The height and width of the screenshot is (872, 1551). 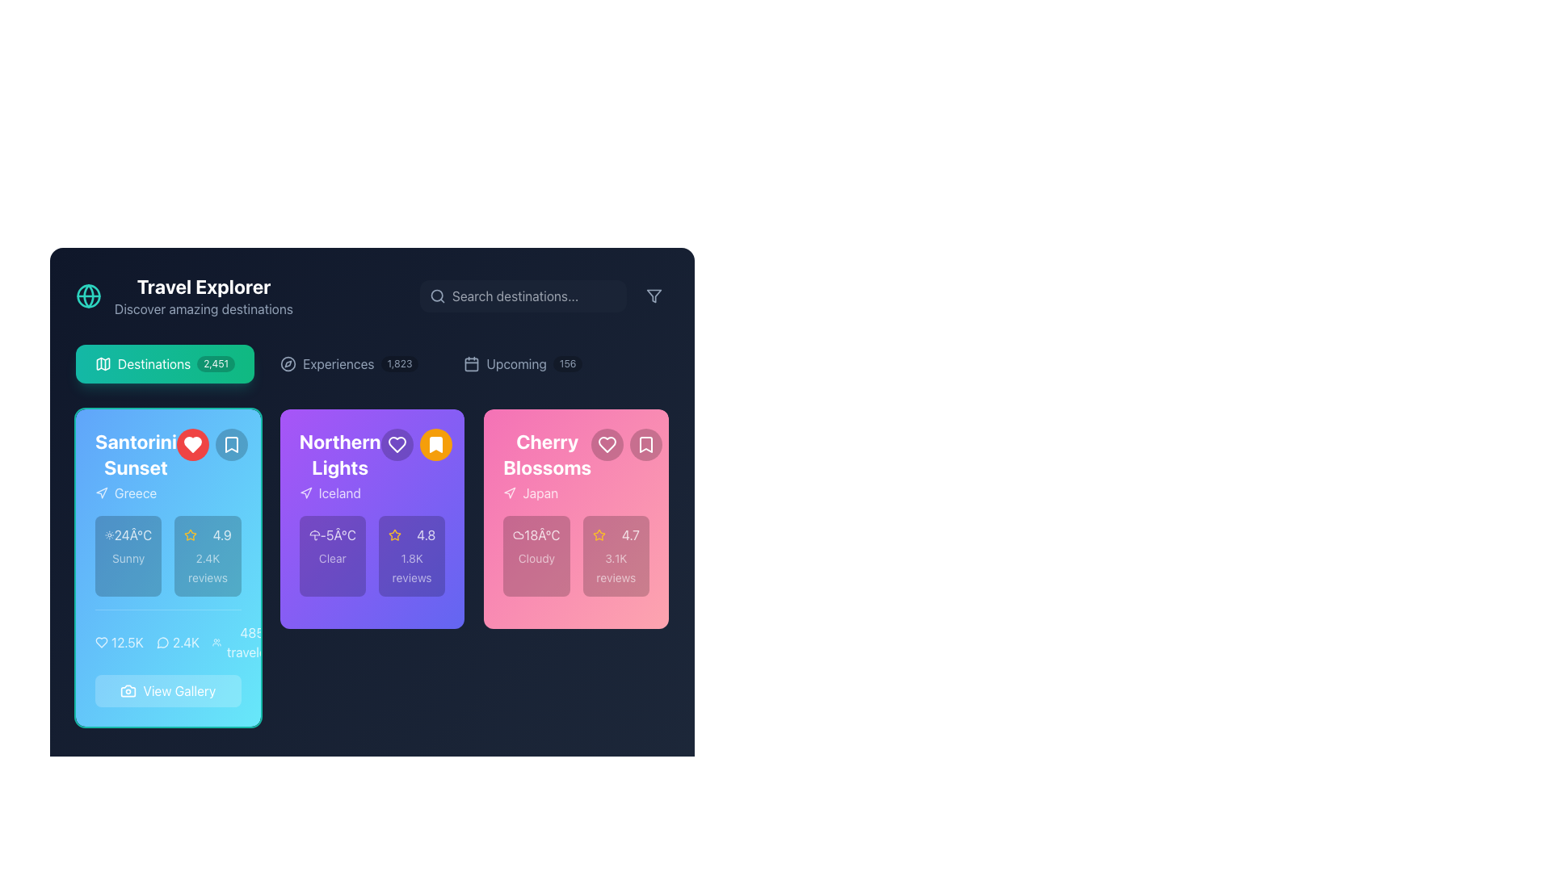 I want to click on the heart button located in the upper-right corner of the 'Northern Lights' card to favorite the item, so click(x=416, y=445).